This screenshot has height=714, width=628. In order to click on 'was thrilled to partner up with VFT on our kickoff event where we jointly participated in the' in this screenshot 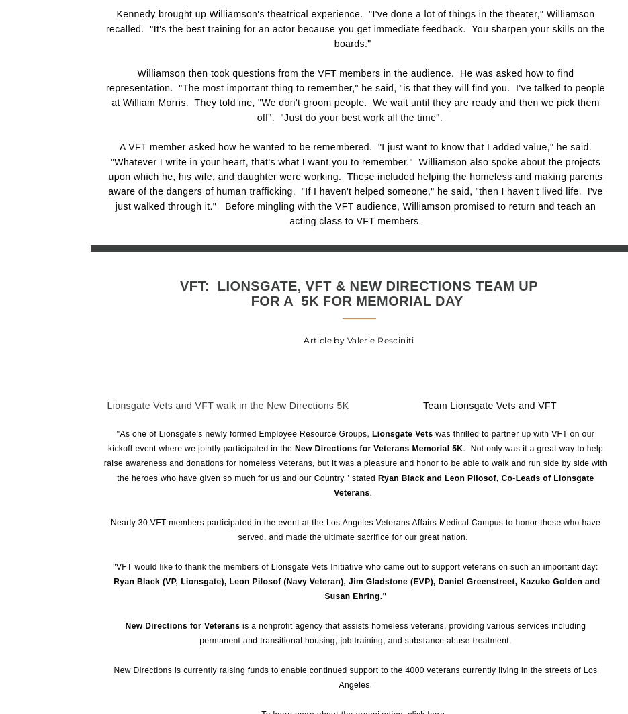, I will do `click(350, 441)`.